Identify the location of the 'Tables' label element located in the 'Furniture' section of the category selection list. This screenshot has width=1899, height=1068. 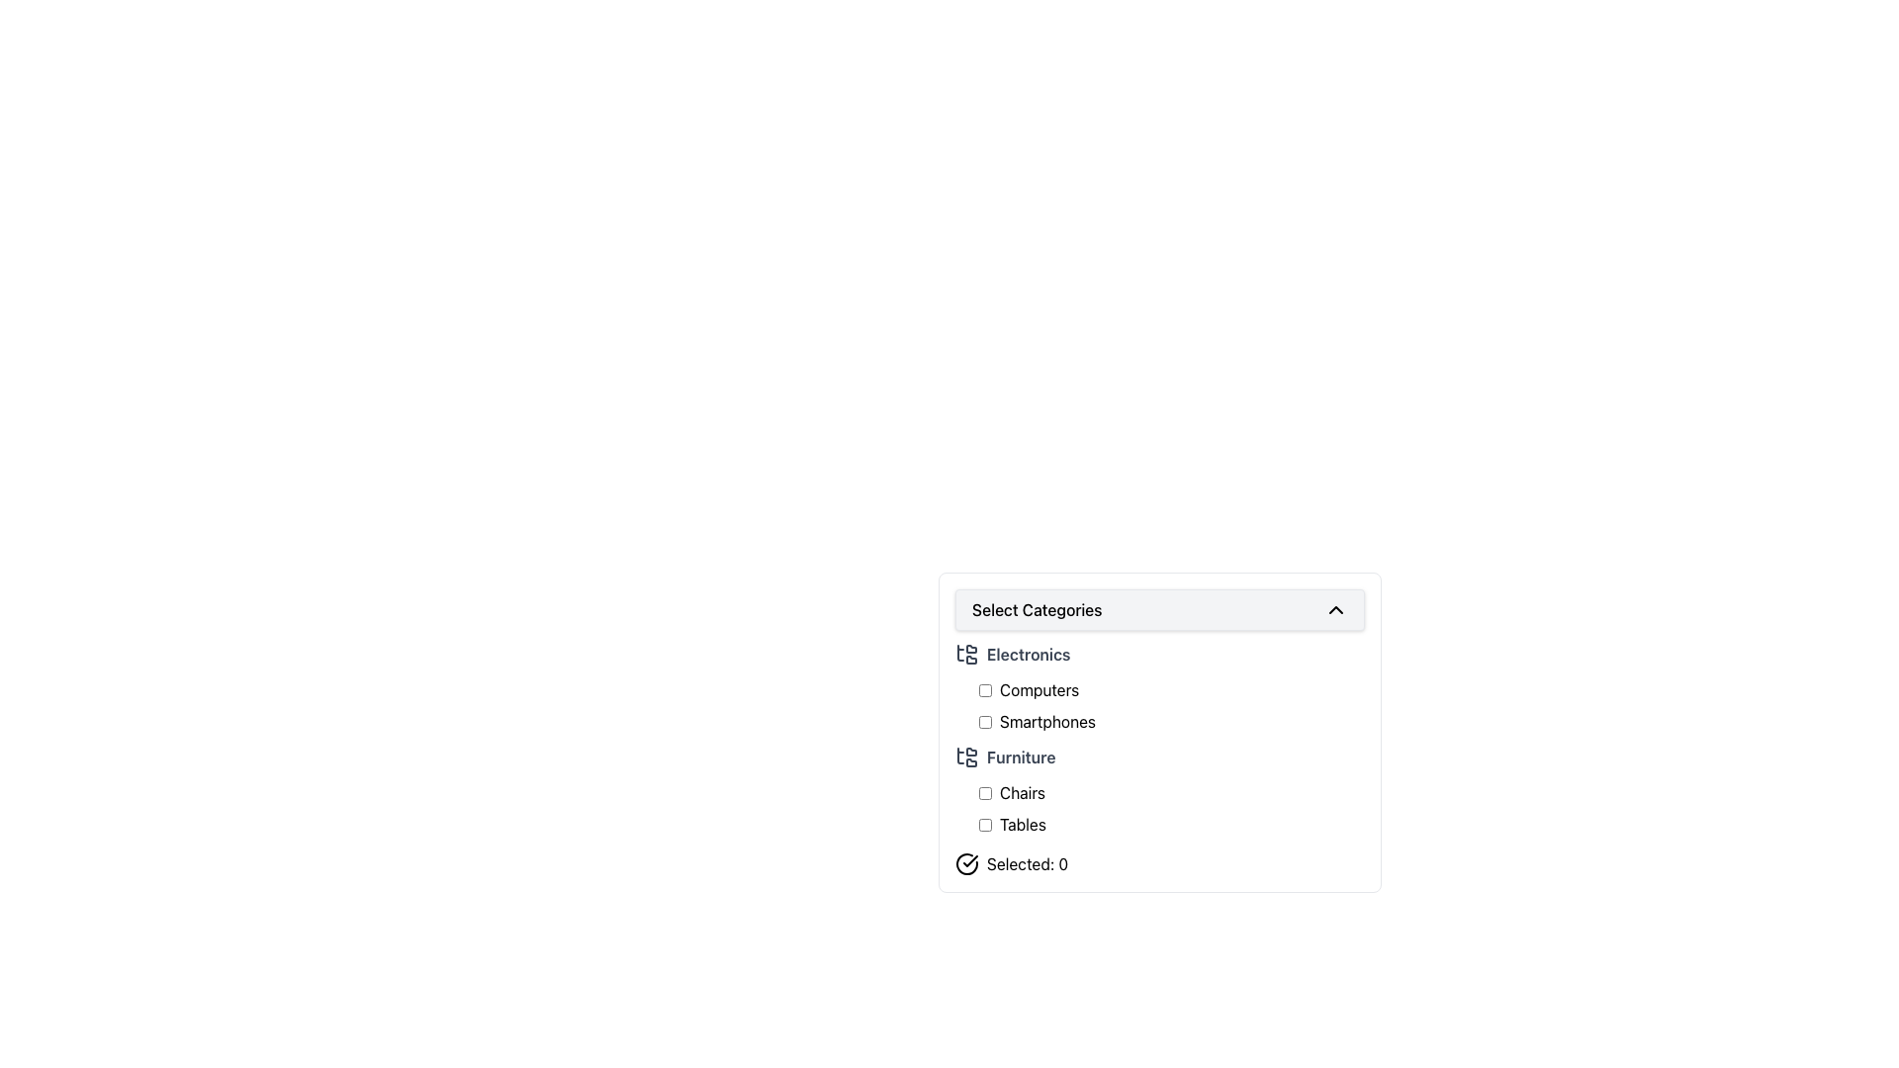
(1023, 824).